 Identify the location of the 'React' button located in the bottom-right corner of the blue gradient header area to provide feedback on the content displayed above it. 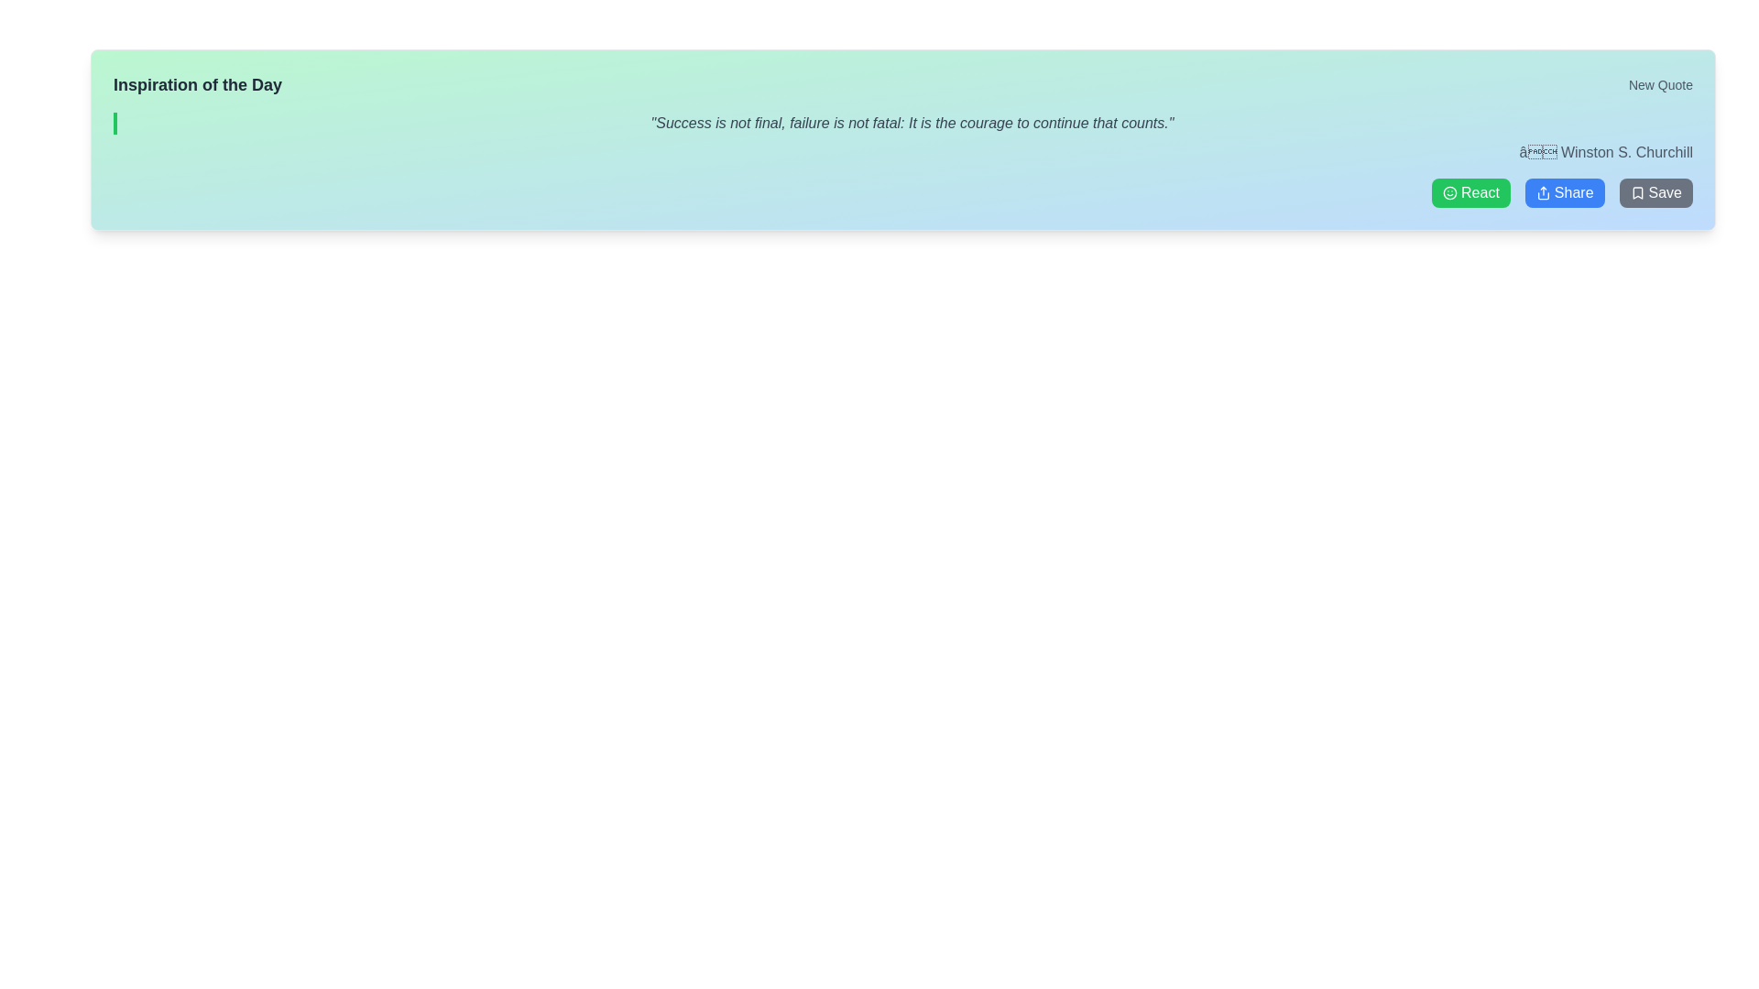
(1470, 193).